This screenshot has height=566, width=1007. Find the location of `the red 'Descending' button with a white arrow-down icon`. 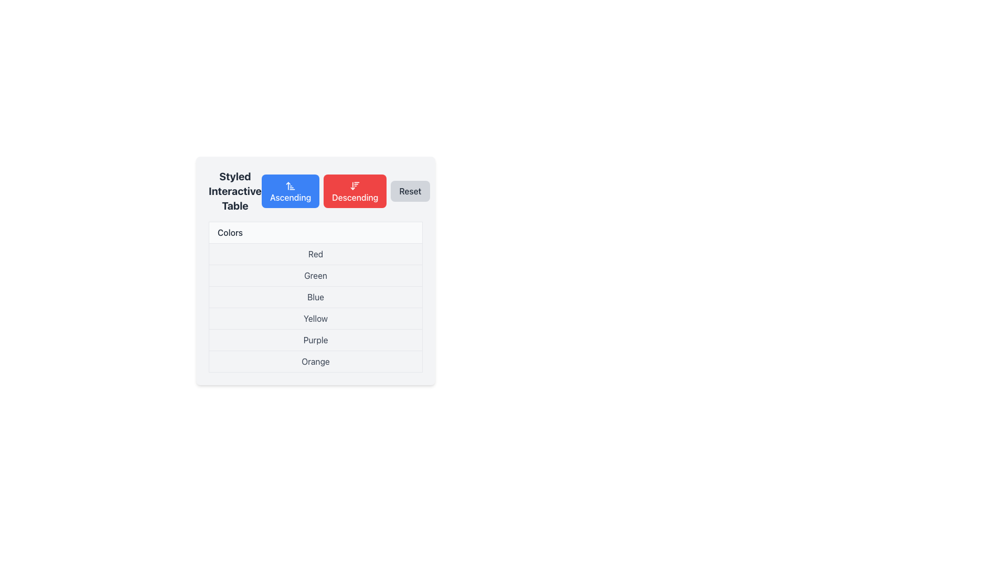

the red 'Descending' button with a white arrow-down icon is located at coordinates (346, 191).